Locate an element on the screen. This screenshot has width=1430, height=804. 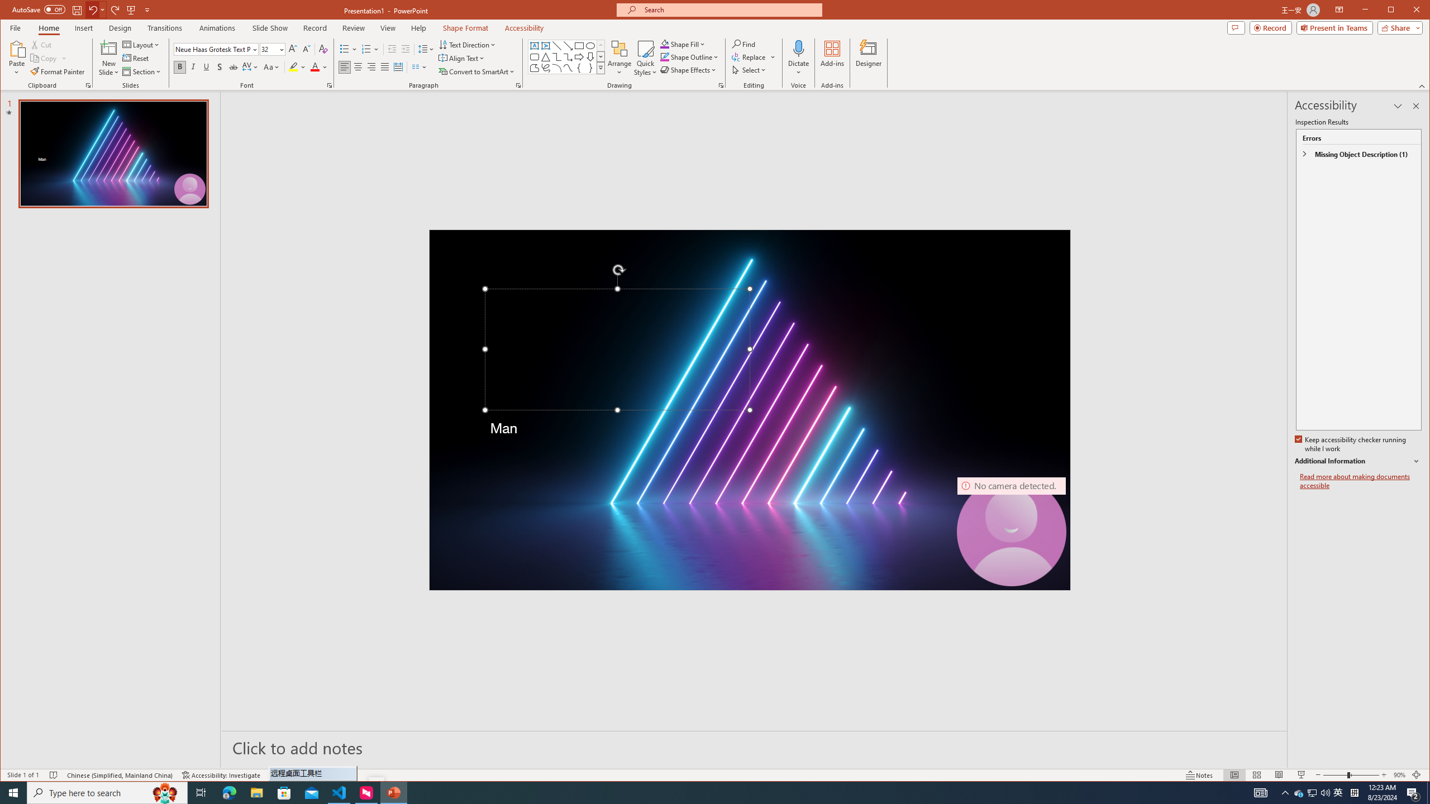
'Arrow: Down' is located at coordinates (590, 57).